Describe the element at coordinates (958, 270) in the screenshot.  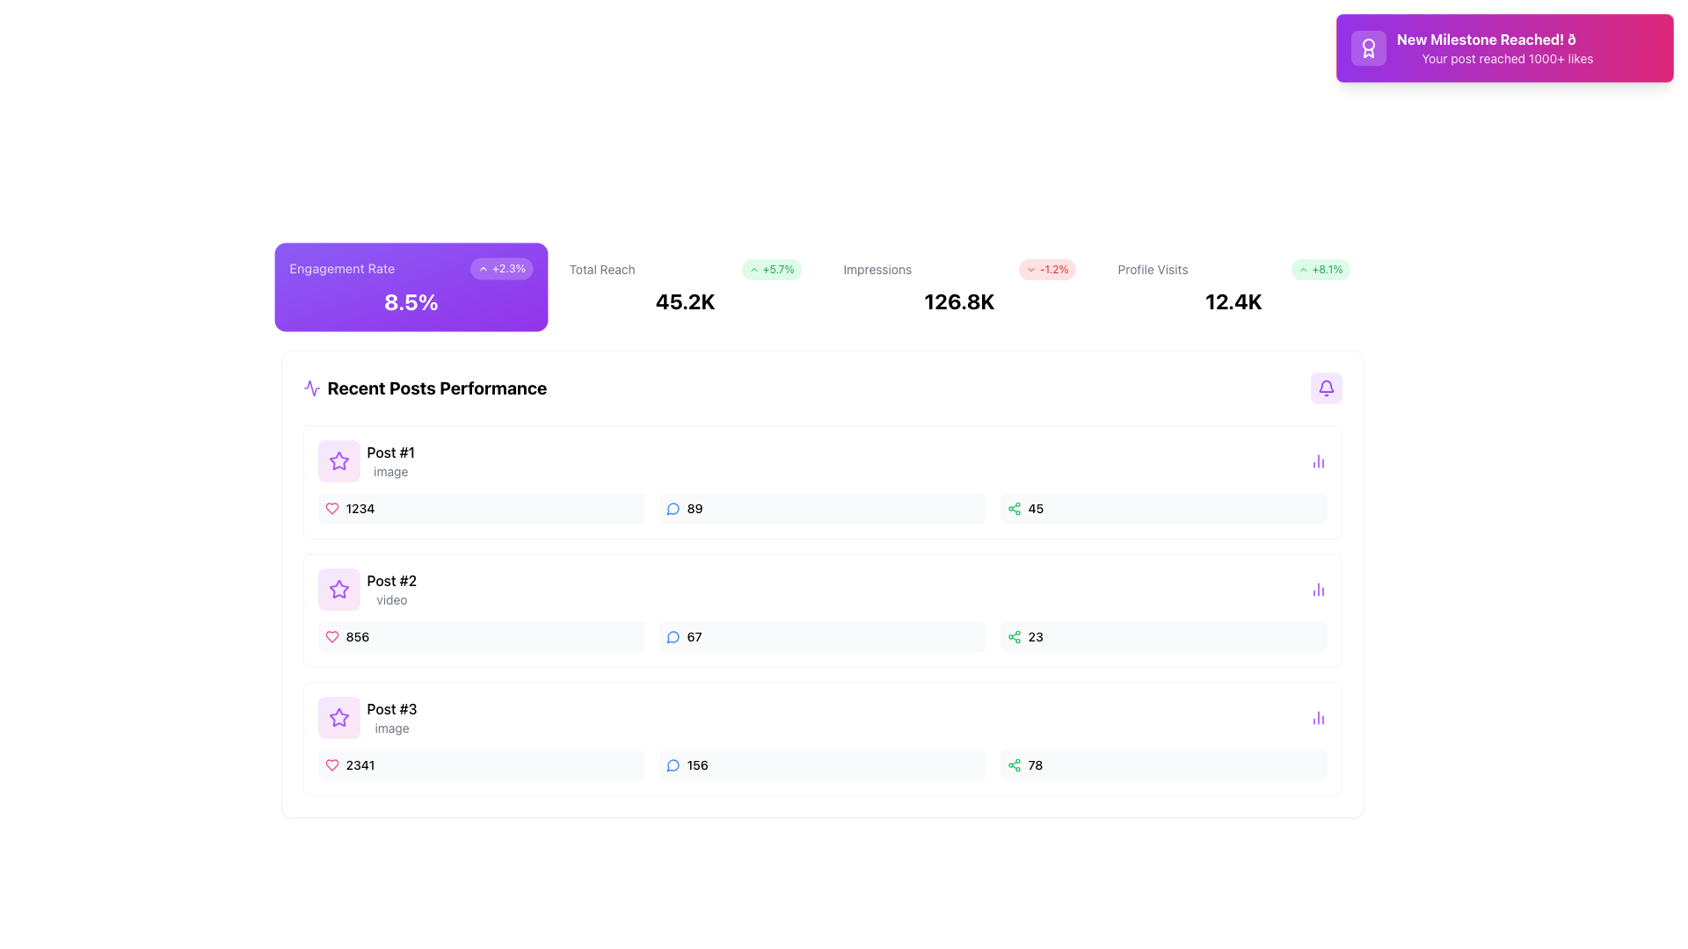
I see `the information represented by the Metric display element labeled 'Impressions' with a decrement value of '-1.2%' styled with a red background` at that location.